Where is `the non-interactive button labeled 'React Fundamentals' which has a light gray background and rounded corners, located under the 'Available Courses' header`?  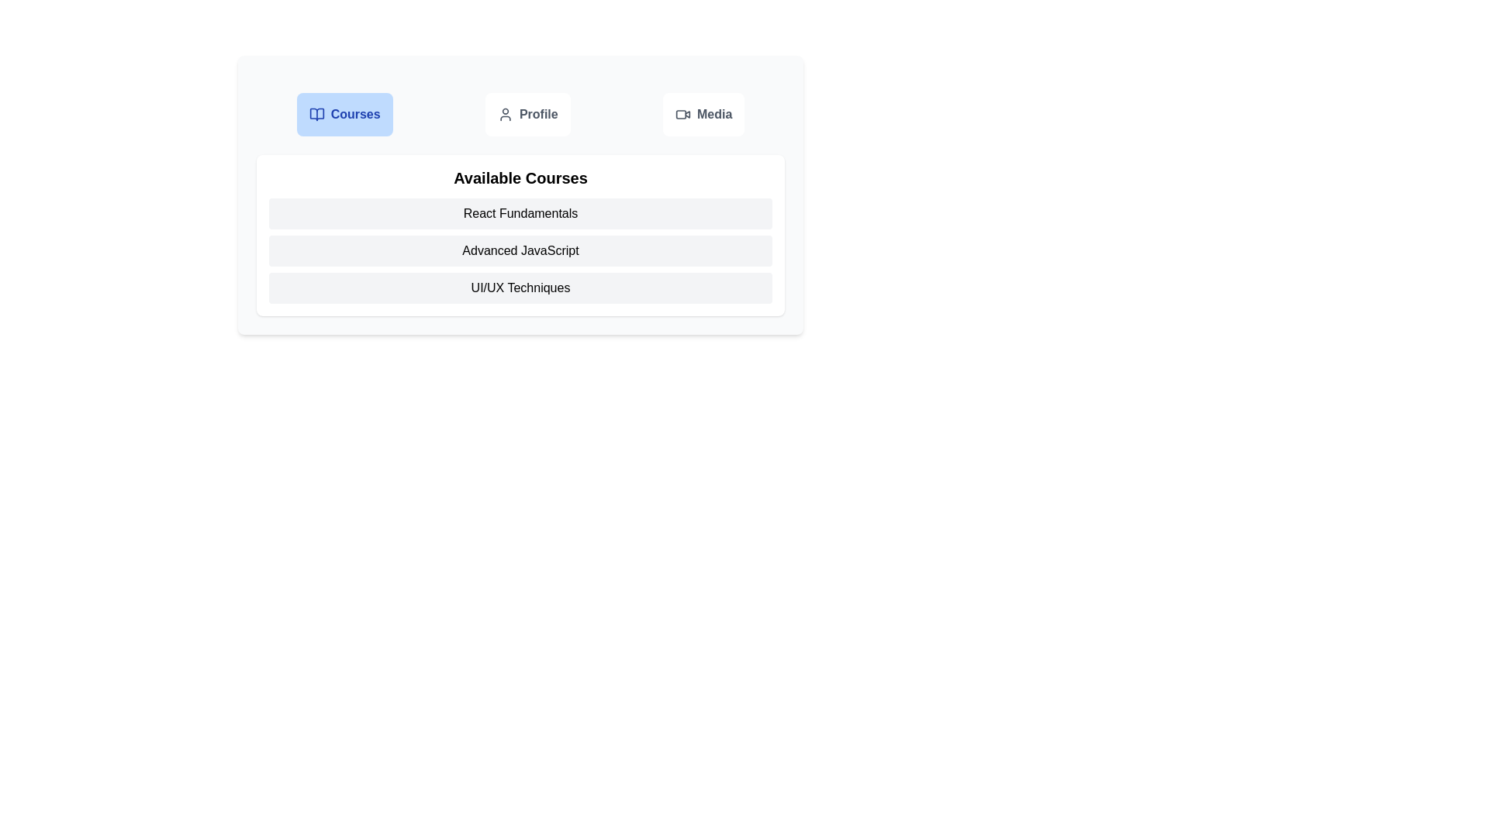 the non-interactive button labeled 'React Fundamentals' which has a light gray background and rounded corners, located under the 'Available Courses' header is located at coordinates (520, 214).